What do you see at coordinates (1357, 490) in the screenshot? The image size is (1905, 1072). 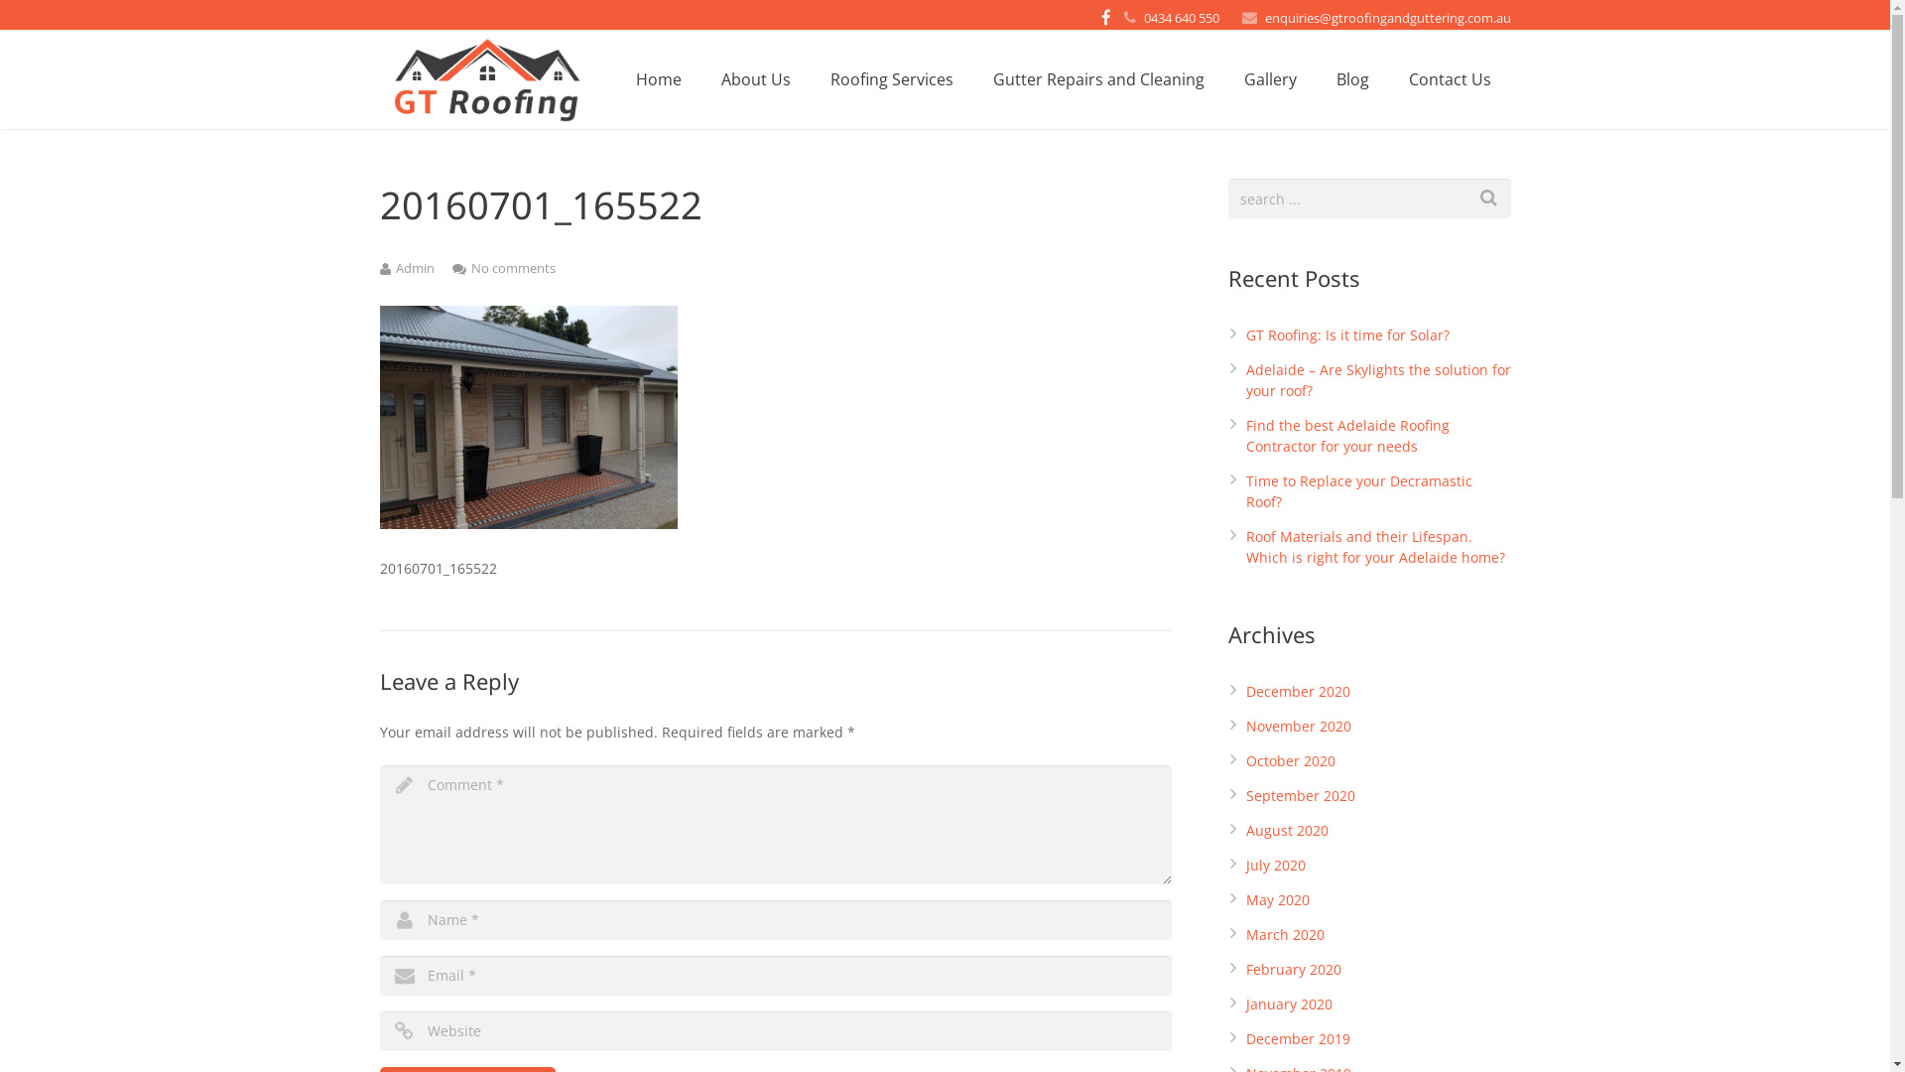 I see `'Time to Replace your Decramastic Roof?'` at bounding box center [1357, 490].